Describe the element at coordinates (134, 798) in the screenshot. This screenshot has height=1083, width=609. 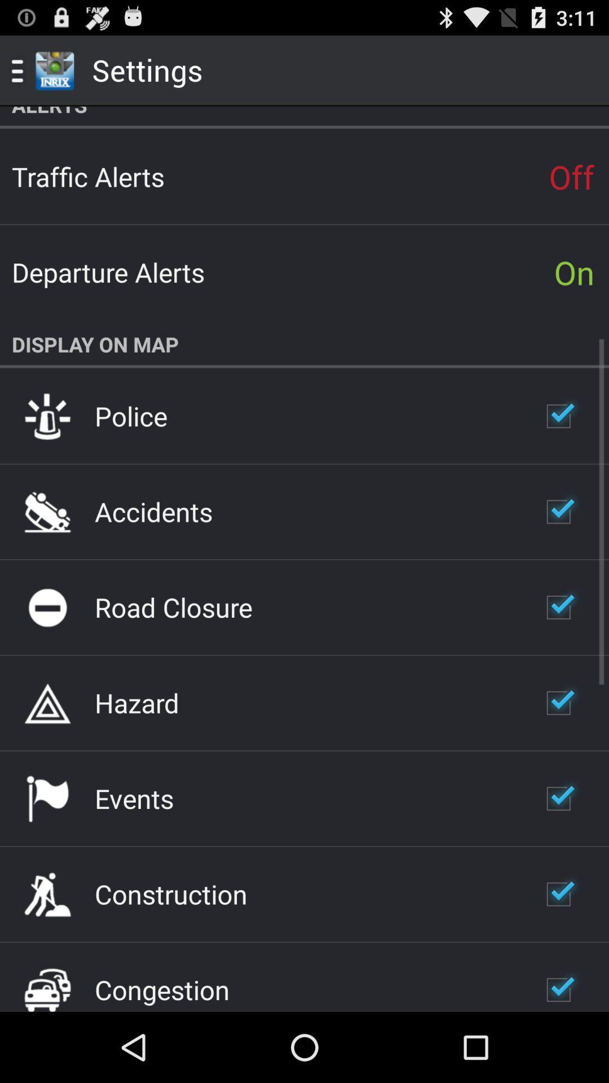
I see `the icon above the construction item` at that location.